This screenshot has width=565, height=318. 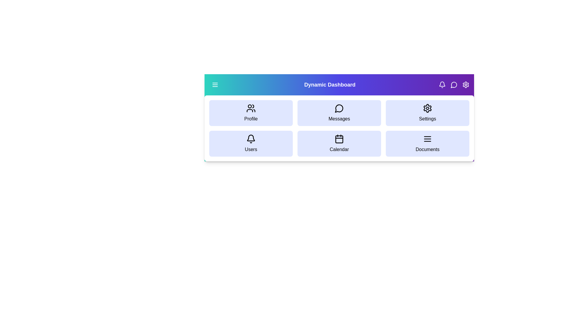 What do you see at coordinates (466, 85) in the screenshot?
I see `the settings icon to navigate to the settings page` at bounding box center [466, 85].